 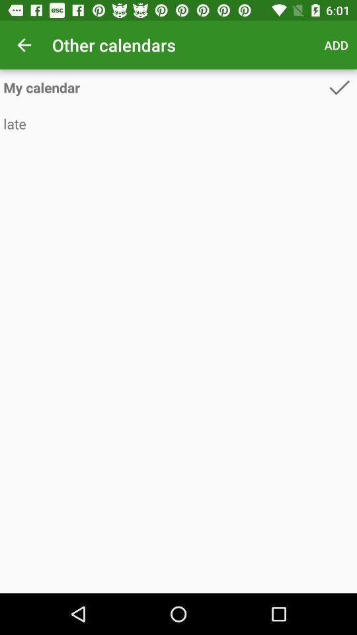 I want to click on the item above the late icon, so click(x=339, y=87).